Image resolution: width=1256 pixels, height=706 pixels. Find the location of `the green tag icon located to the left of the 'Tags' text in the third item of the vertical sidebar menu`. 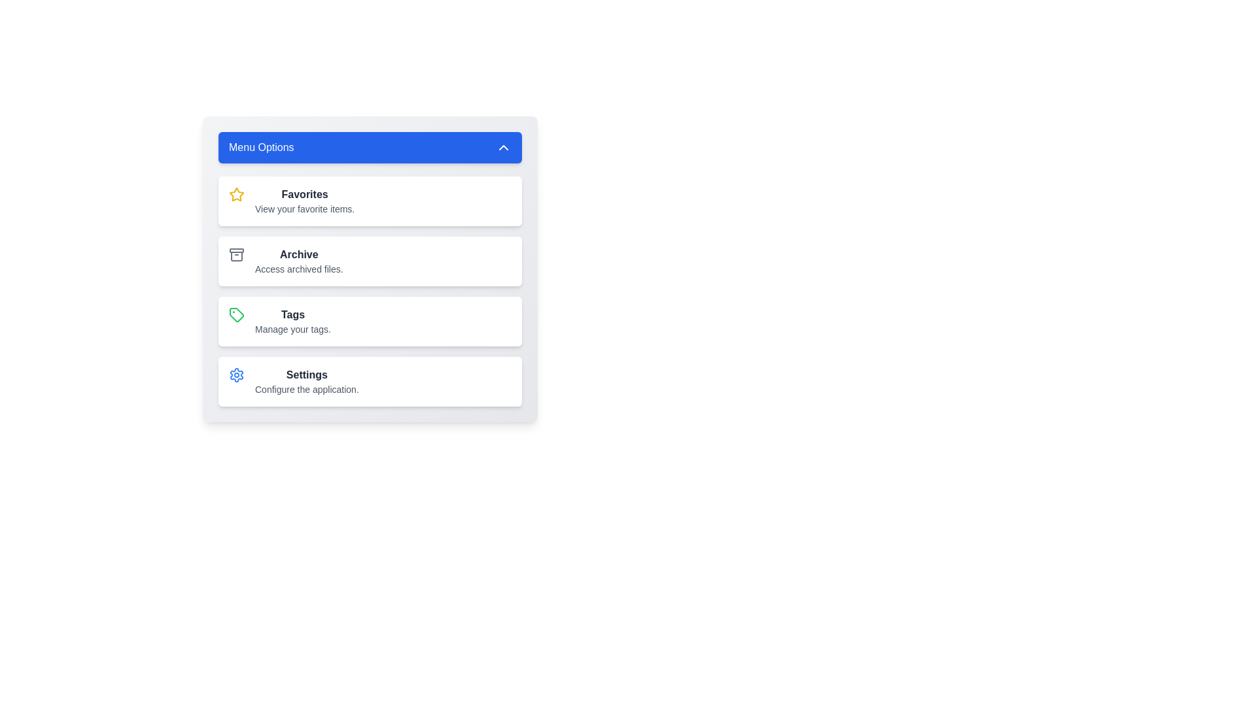

the green tag icon located to the left of the 'Tags' text in the third item of the vertical sidebar menu is located at coordinates (236, 315).